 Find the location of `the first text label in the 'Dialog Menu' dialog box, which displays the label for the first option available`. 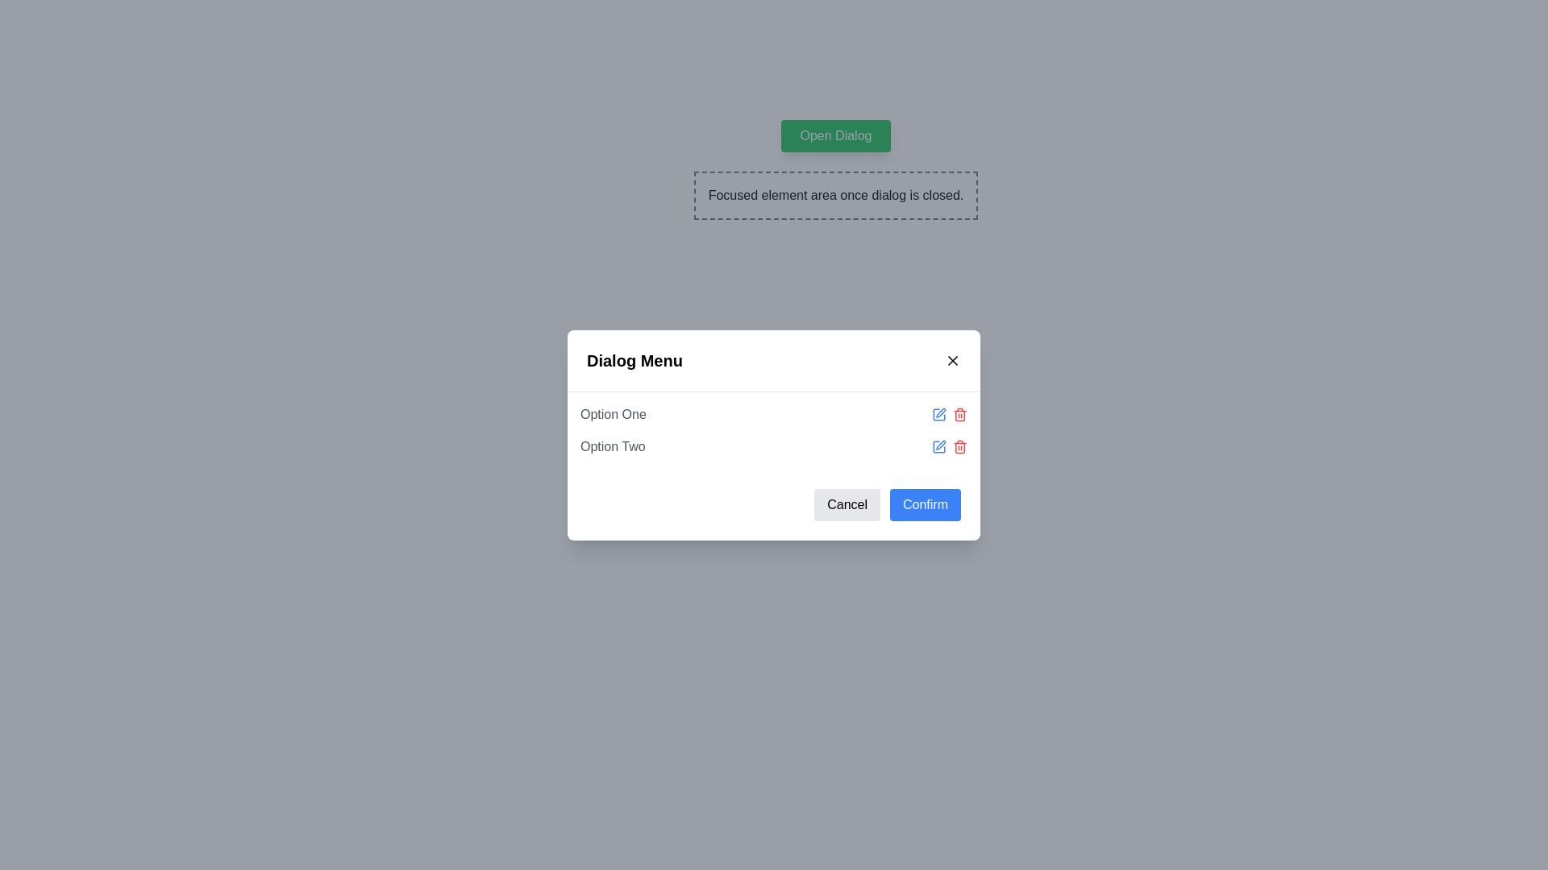

the first text label in the 'Dialog Menu' dialog box, which displays the label for the first option available is located at coordinates (612, 413).